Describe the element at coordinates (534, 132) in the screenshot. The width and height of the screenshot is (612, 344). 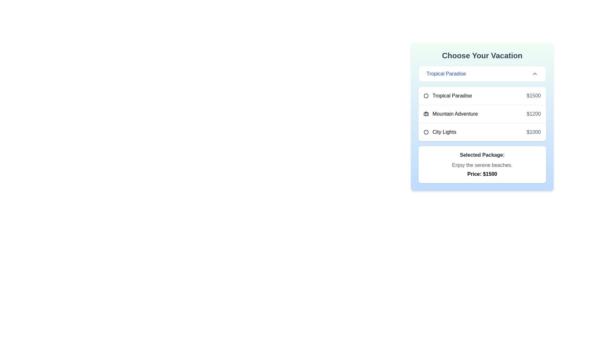
I see `the text element displaying the value '$1000', which is positioned to the right of the 'City Lights' label in the vacation packages list` at that location.